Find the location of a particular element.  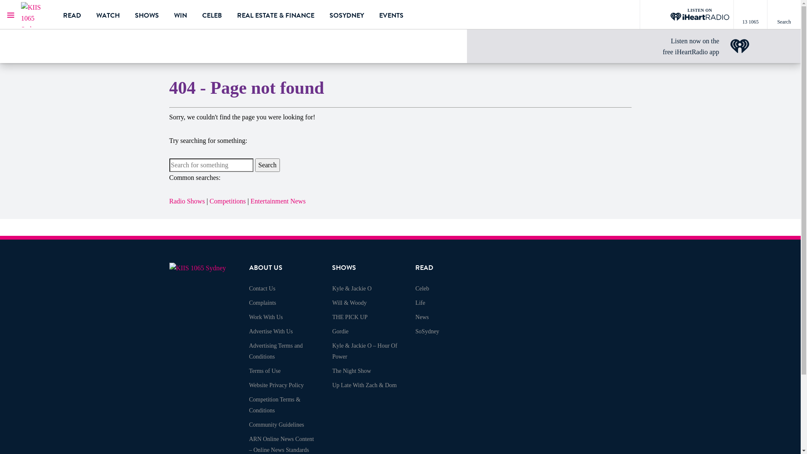

'Community Guidelines' is located at coordinates (276, 425).